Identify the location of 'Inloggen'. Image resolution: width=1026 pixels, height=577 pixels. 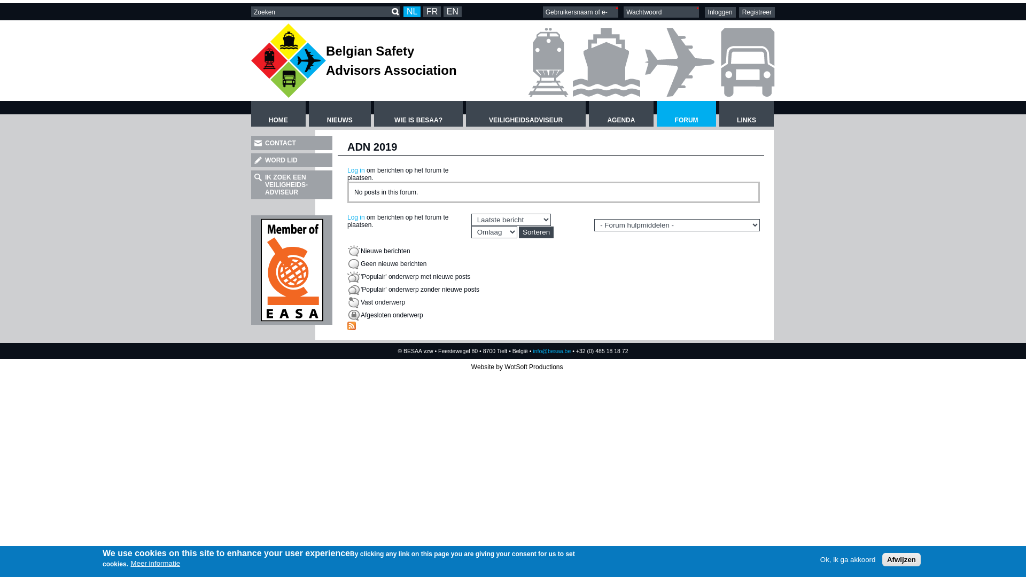
(705, 12).